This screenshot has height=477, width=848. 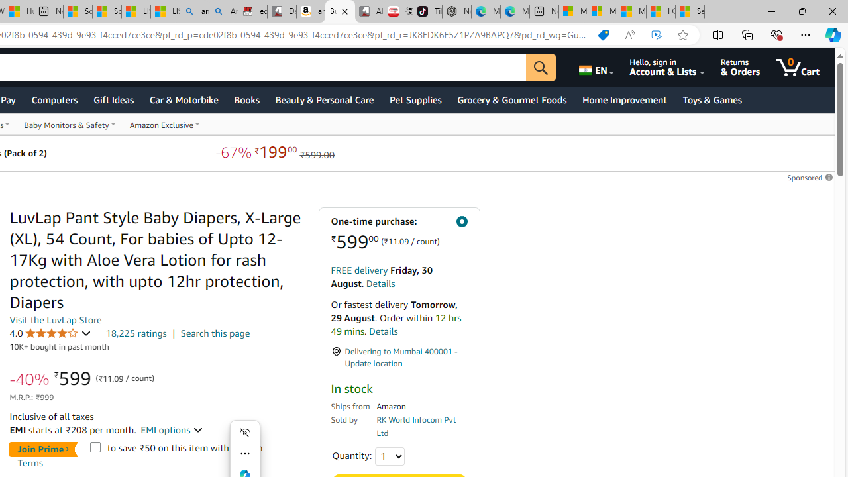 I want to click on 'amazon.in/dp/B0CX59H5W7/?tag=gsmcom05-21', so click(x=310, y=11).